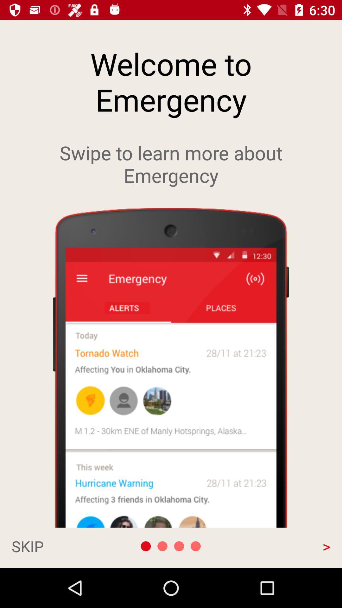  What do you see at coordinates (282, 546) in the screenshot?
I see `the > icon` at bounding box center [282, 546].